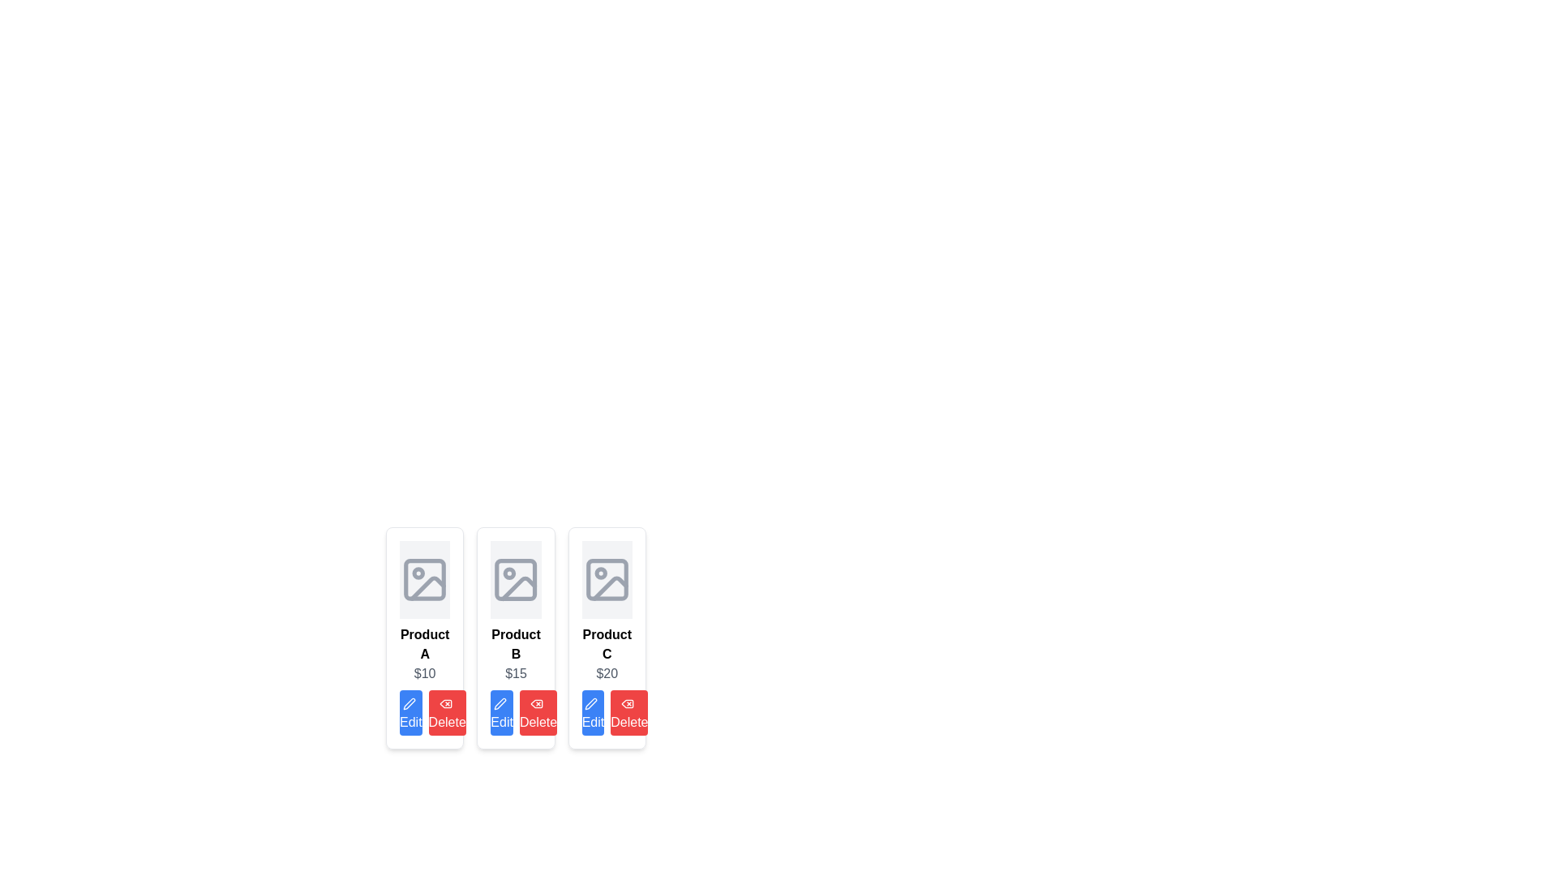 This screenshot has width=1557, height=876. What do you see at coordinates (628, 712) in the screenshot?
I see `the 'Delete' button with a red background and white text` at bounding box center [628, 712].